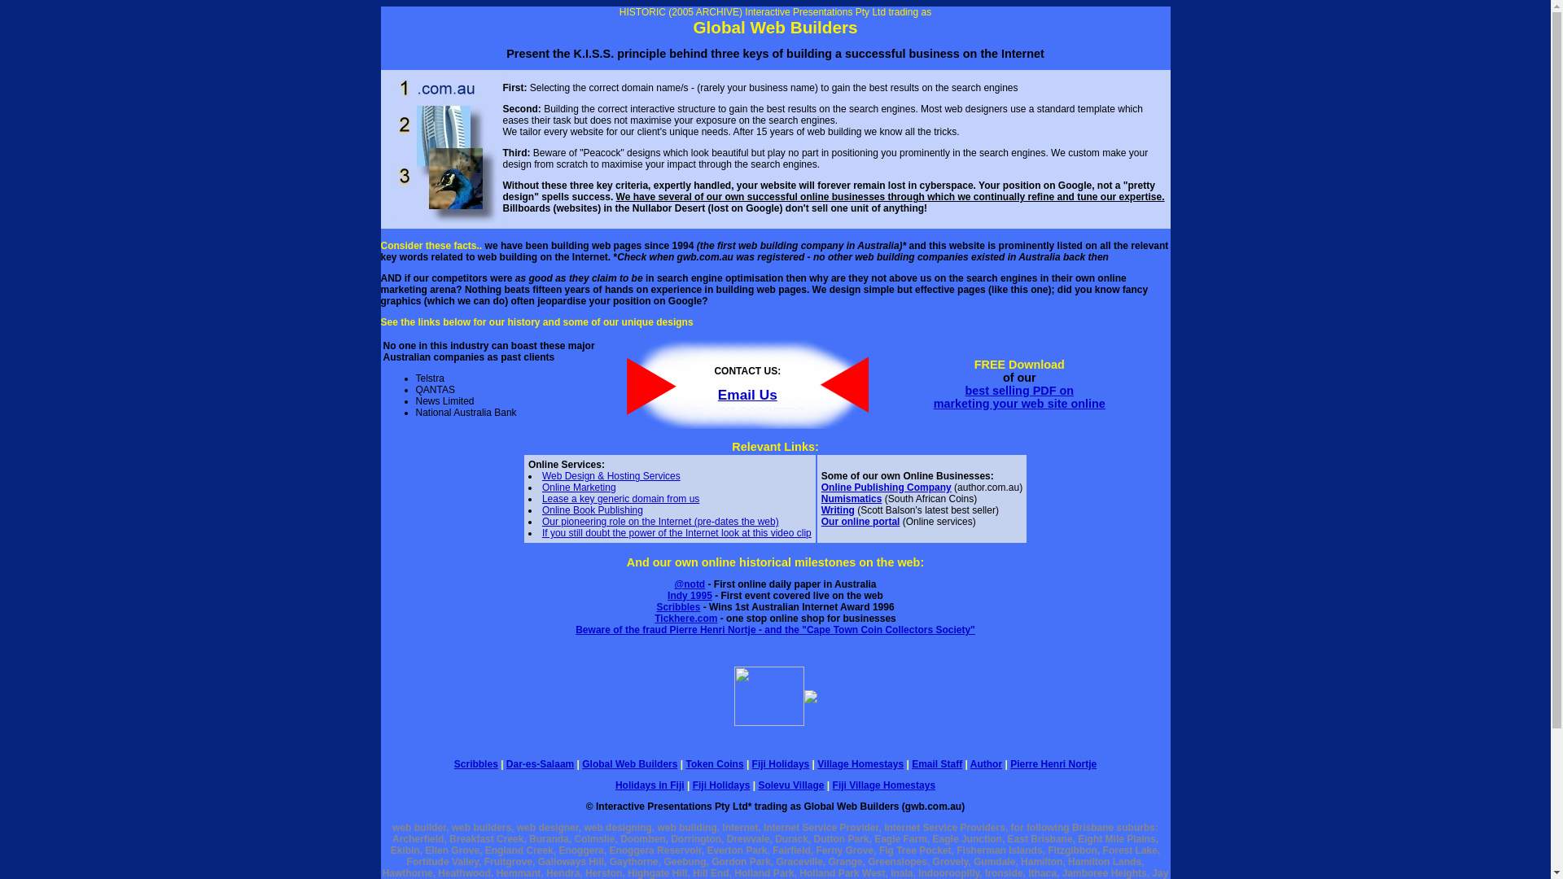 This screenshot has height=879, width=1563. I want to click on 'Solevu Village', so click(790, 784).